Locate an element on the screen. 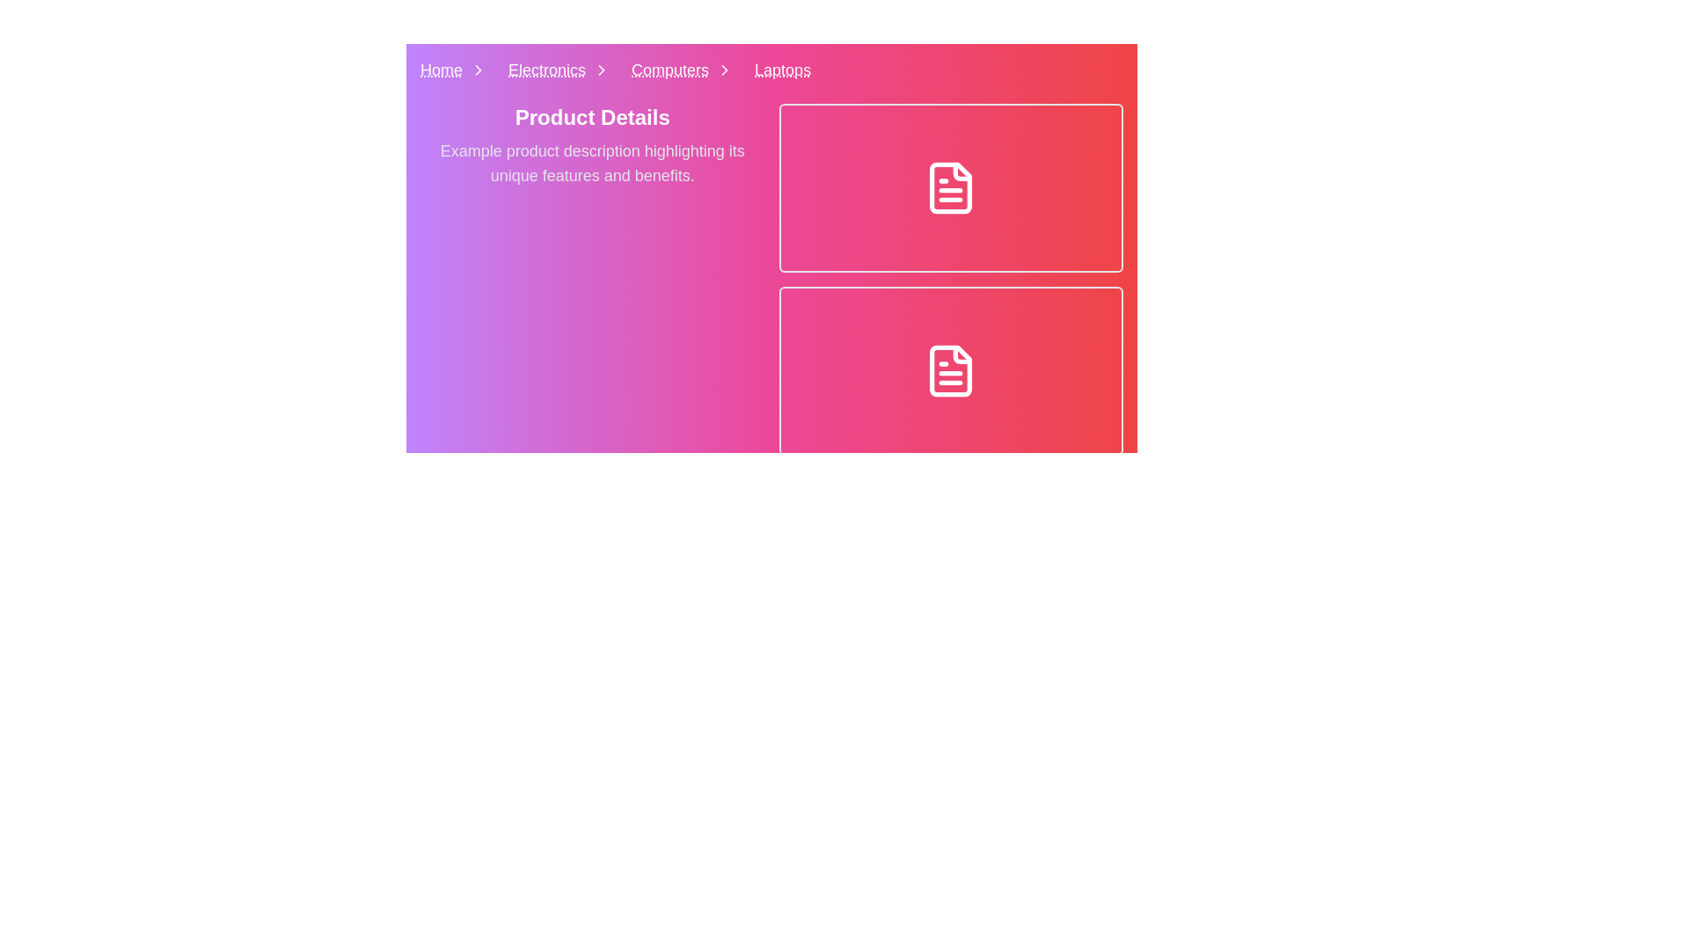  the document symbol icon located within the upper rectangle on the center-right of the interface is located at coordinates (950, 187).